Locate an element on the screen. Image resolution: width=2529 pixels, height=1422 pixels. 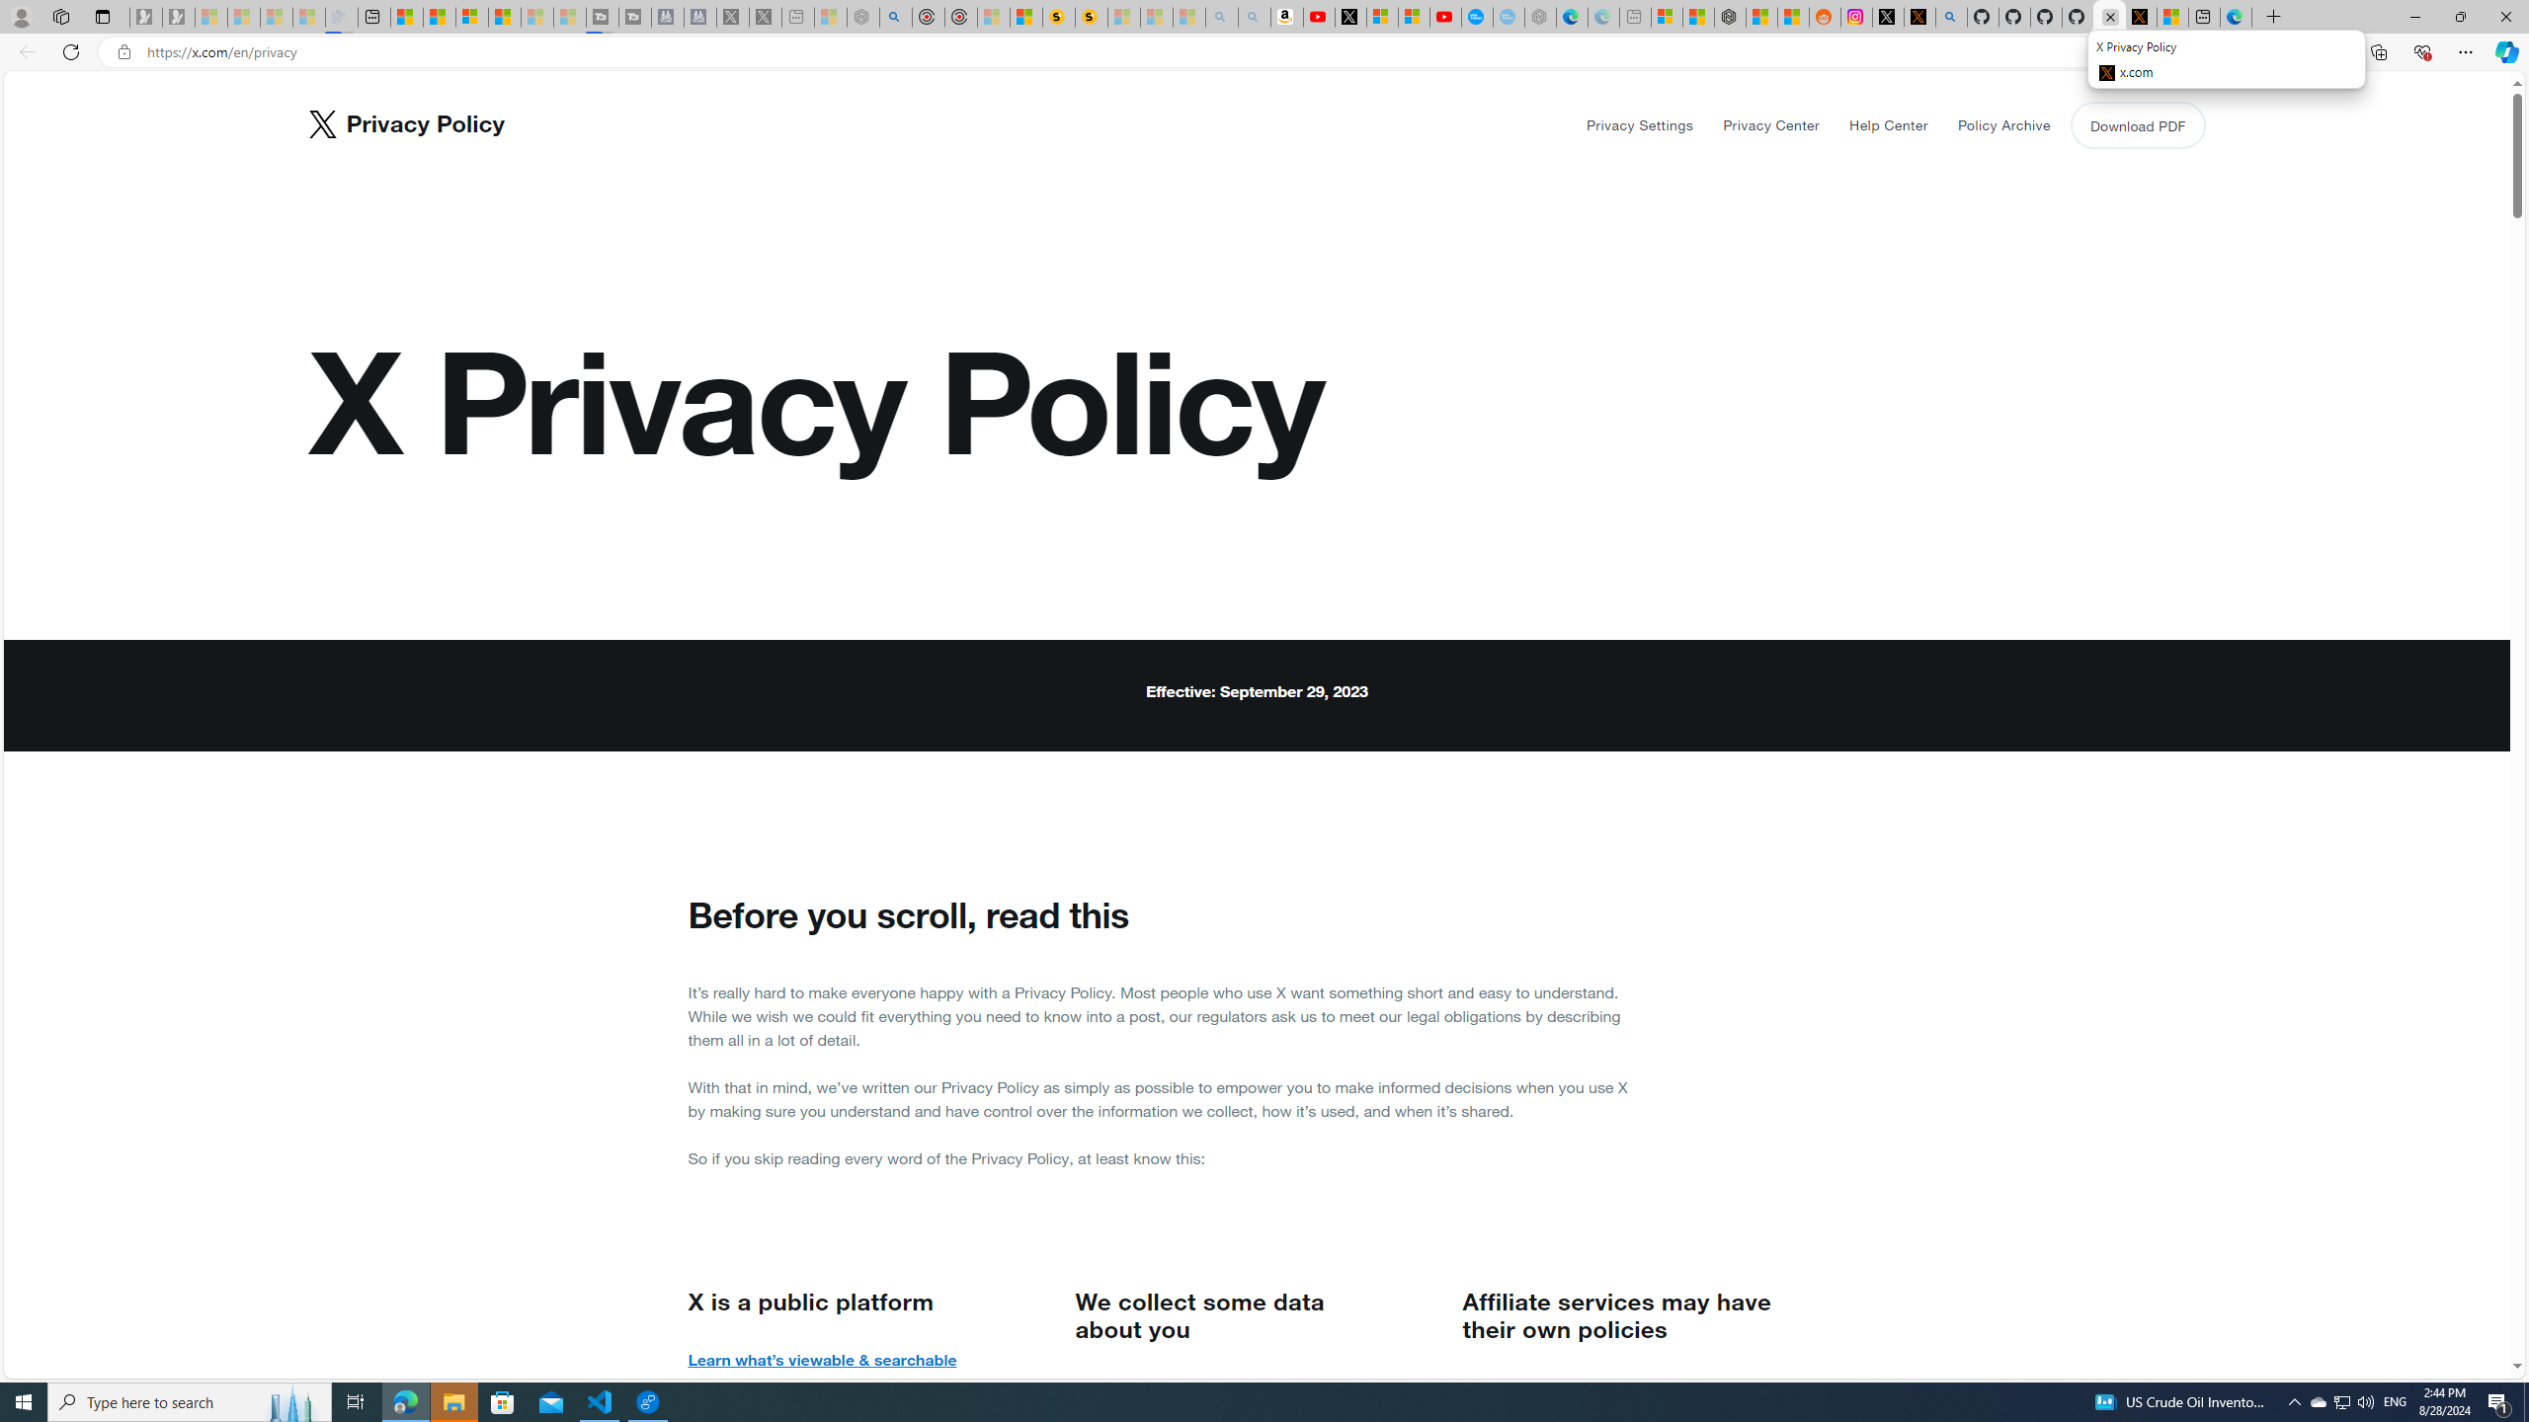
'Microsoft Start - Sleeping' is located at coordinates (536, 16).